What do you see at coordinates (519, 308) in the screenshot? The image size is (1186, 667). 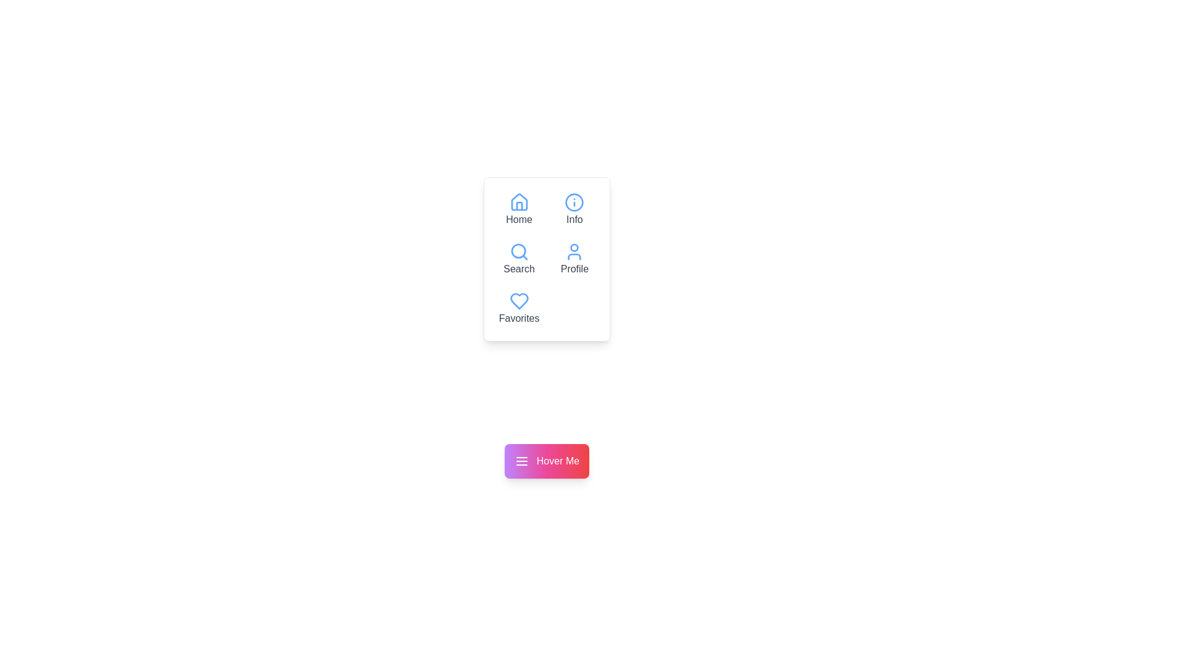 I see `the 'Favorites' button, which consists of a heart icon and a text label, to receive tooltip or visual feedback` at bounding box center [519, 308].